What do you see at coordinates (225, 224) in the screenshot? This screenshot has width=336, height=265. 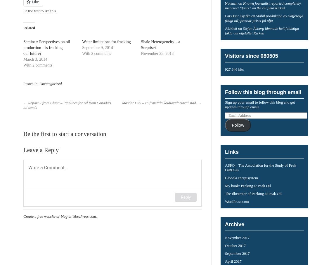 I see `'Archive'` at bounding box center [225, 224].